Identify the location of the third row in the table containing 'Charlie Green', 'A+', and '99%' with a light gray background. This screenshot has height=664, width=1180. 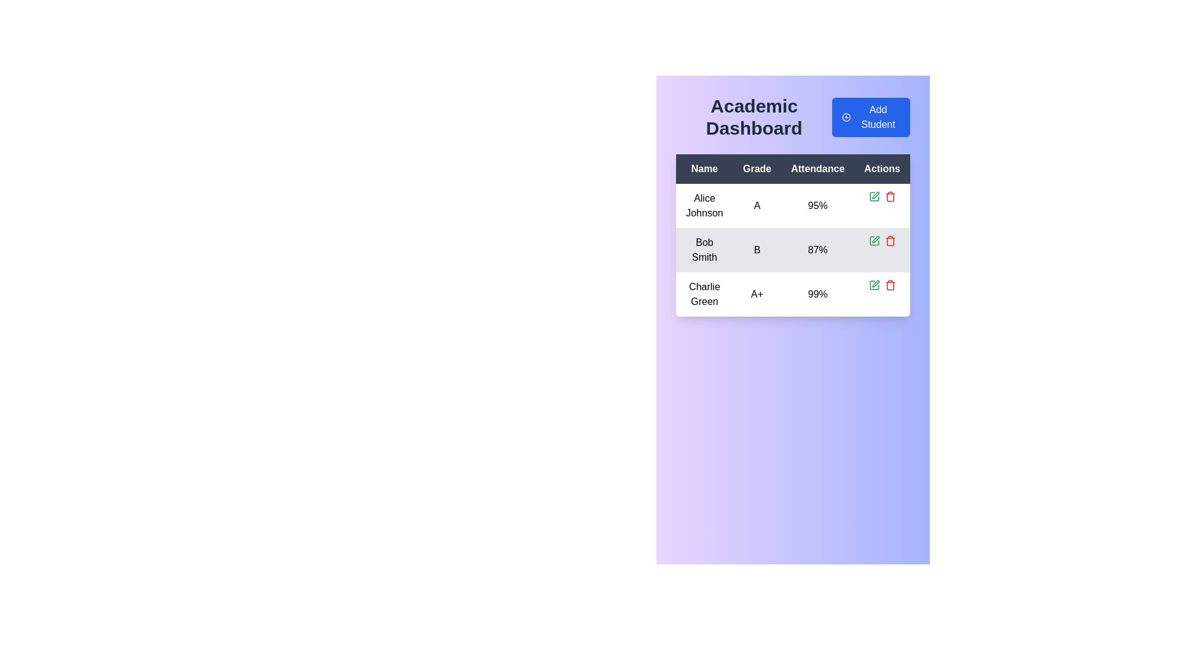
(793, 294).